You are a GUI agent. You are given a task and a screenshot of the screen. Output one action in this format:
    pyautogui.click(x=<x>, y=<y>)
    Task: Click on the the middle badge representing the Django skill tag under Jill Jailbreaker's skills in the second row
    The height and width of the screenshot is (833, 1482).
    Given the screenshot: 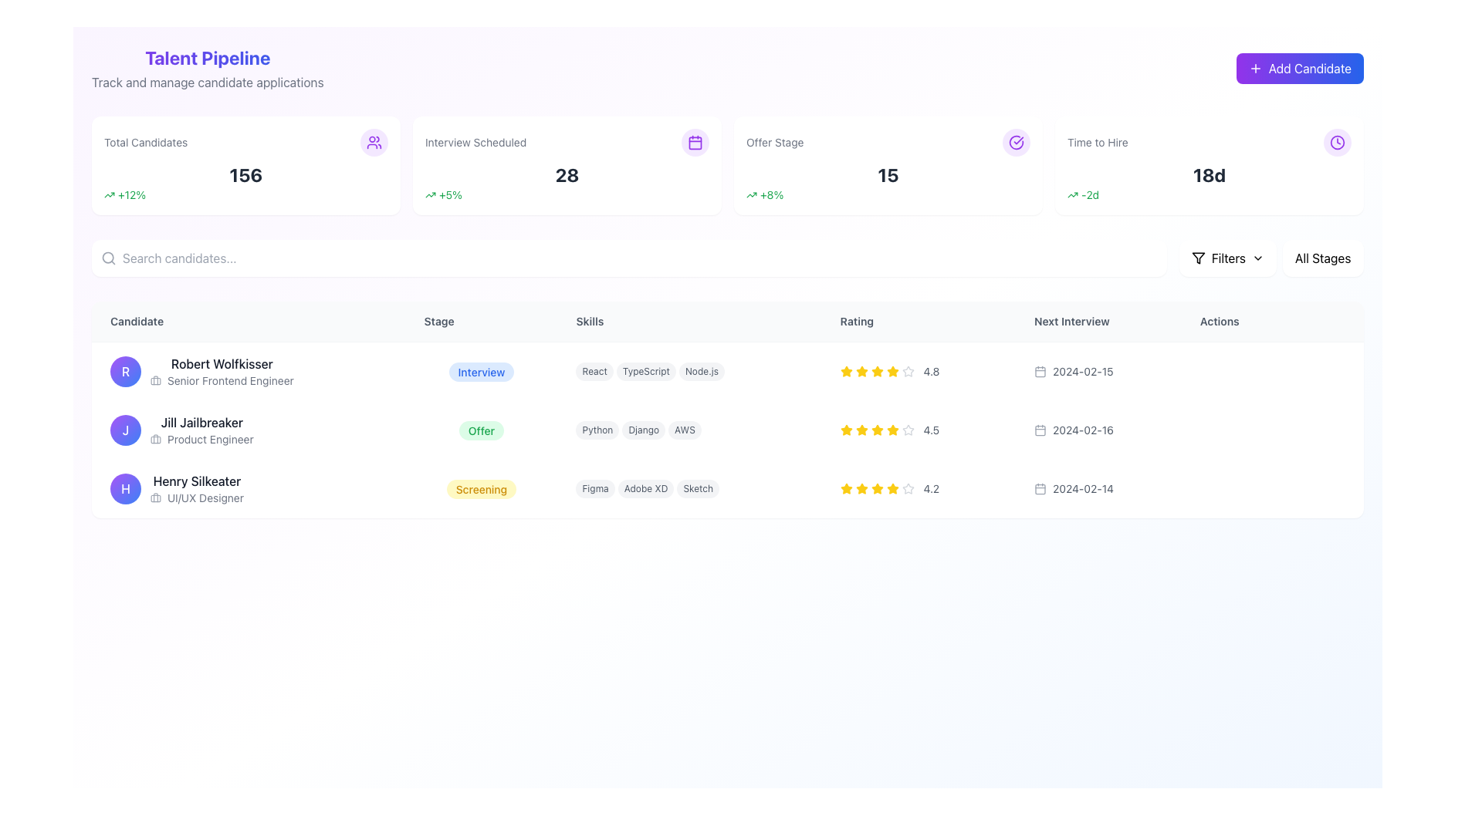 What is the action you would take?
    pyautogui.click(x=644, y=430)
    